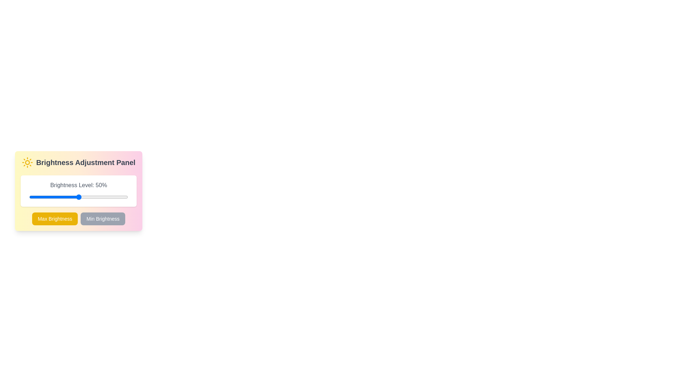 Image resolution: width=685 pixels, height=385 pixels. Describe the element at coordinates (33, 197) in the screenshot. I see `the brightness by dragging the slider to 4%` at that location.